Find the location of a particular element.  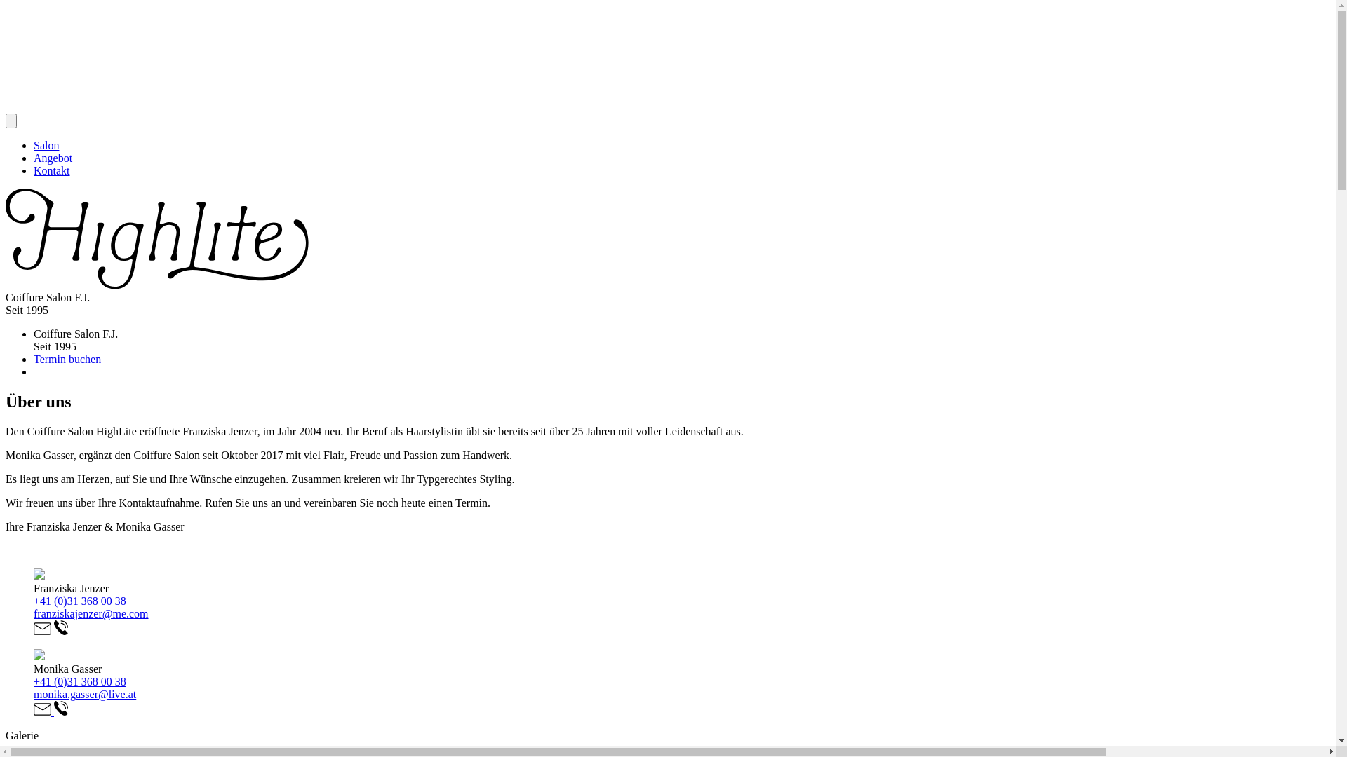

'Salon' is located at coordinates (34, 145).